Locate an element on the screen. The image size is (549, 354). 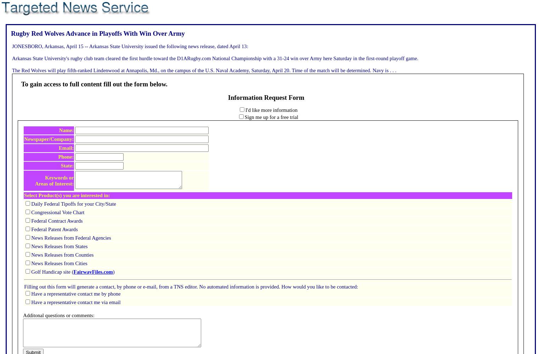
'Golf Handicap site (' is located at coordinates (52, 272).